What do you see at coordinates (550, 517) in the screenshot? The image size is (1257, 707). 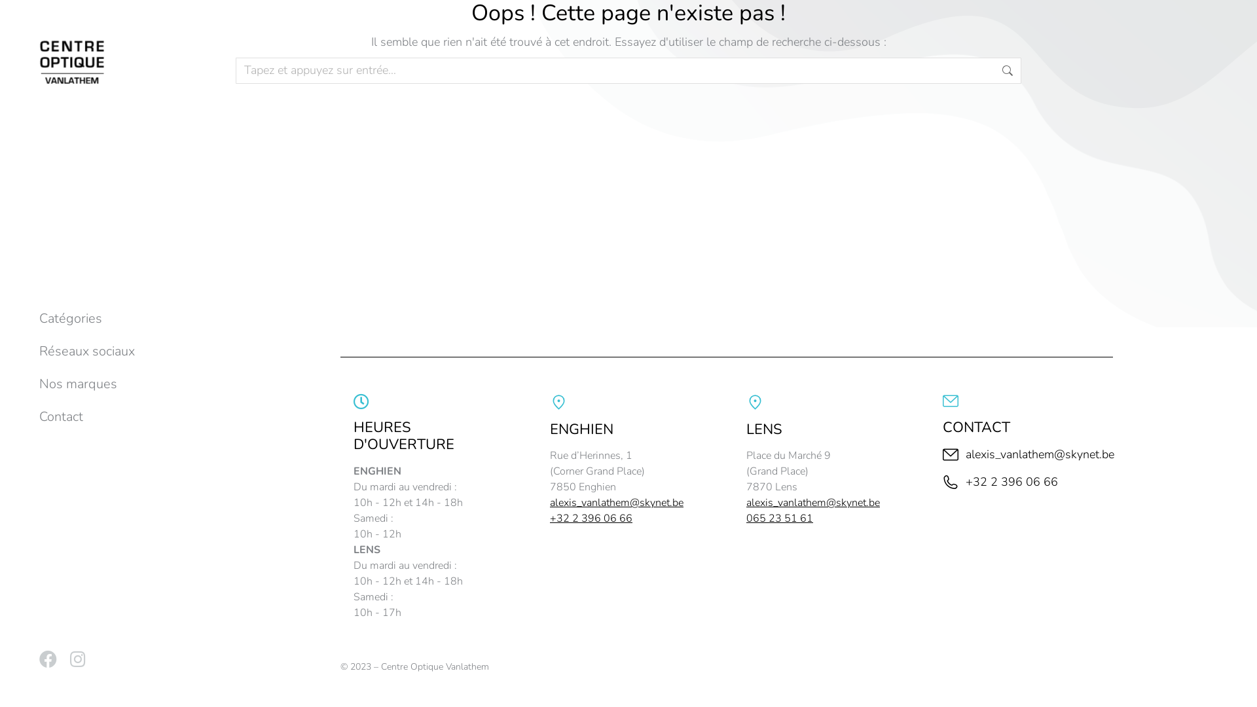 I see `'+32 2 396 06 66'` at bounding box center [550, 517].